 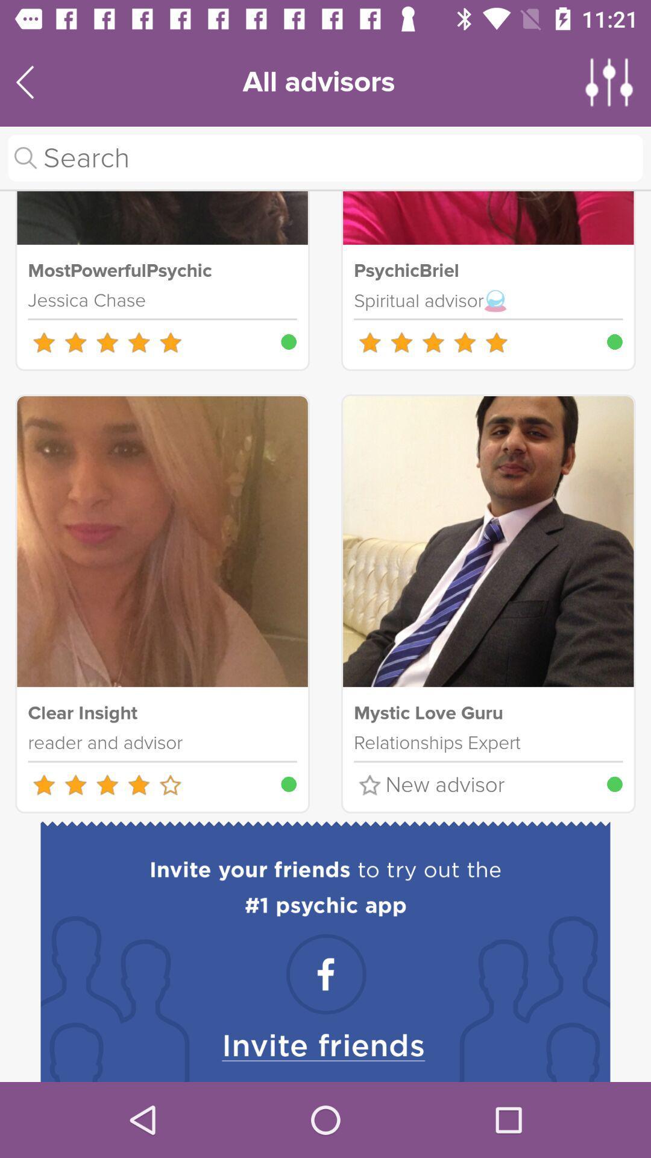 I want to click on icon next to the all advisors icon, so click(x=609, y=81).